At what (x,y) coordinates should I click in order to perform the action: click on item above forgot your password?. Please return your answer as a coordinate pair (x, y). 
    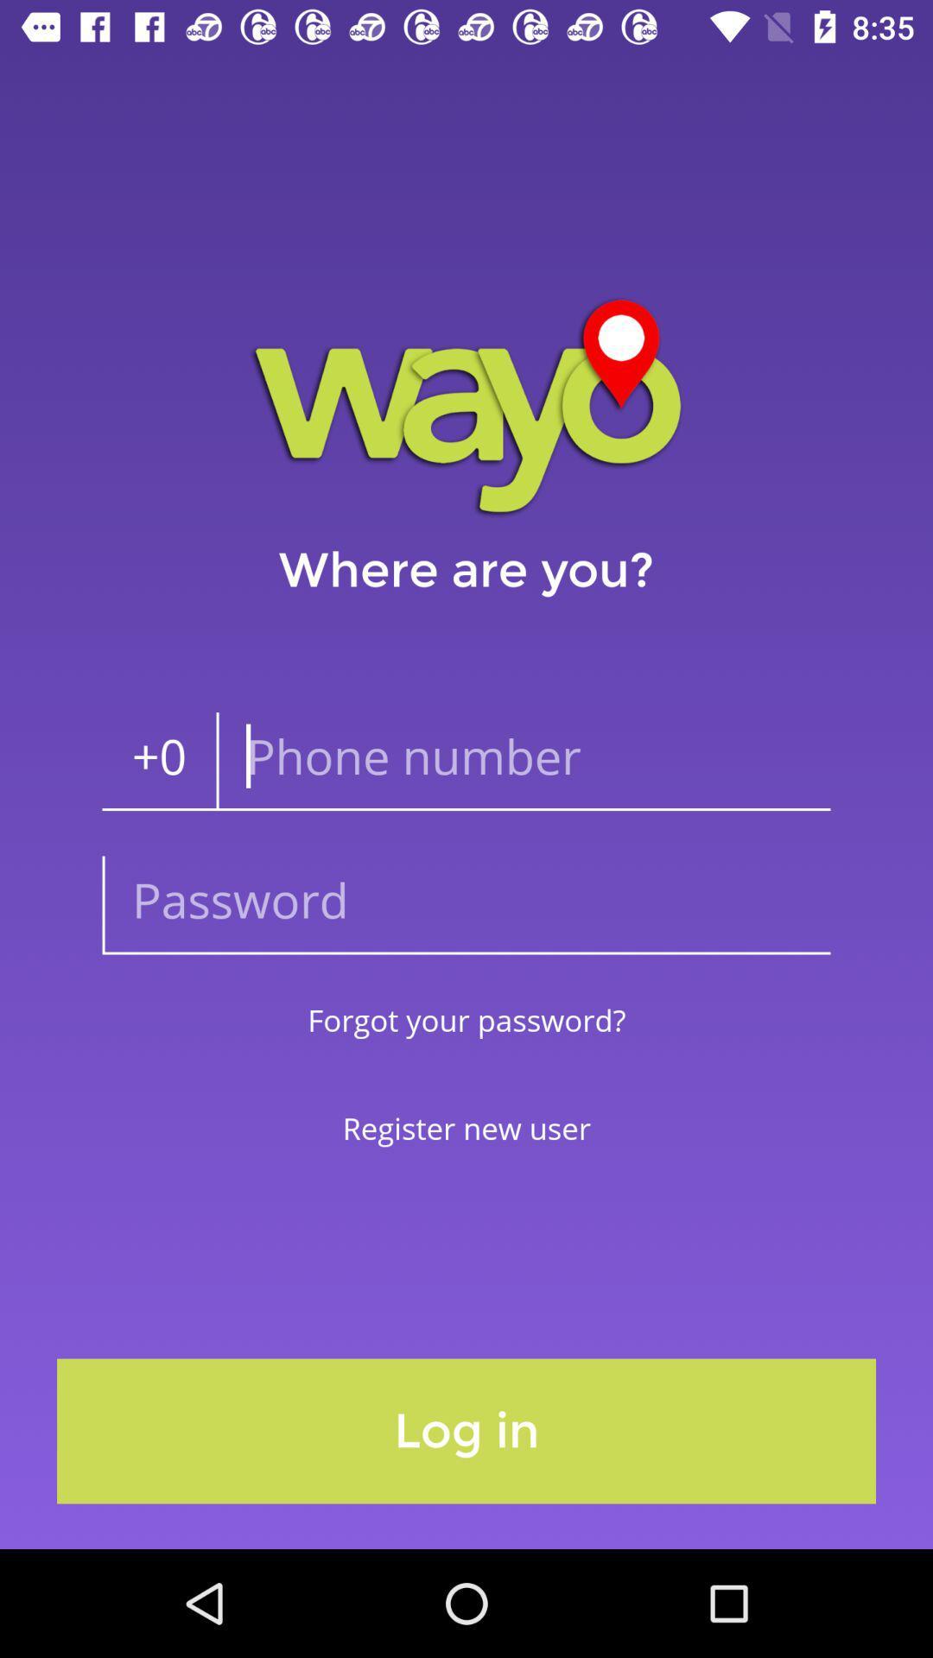
    Looking at the image, I should click on (466, 904).